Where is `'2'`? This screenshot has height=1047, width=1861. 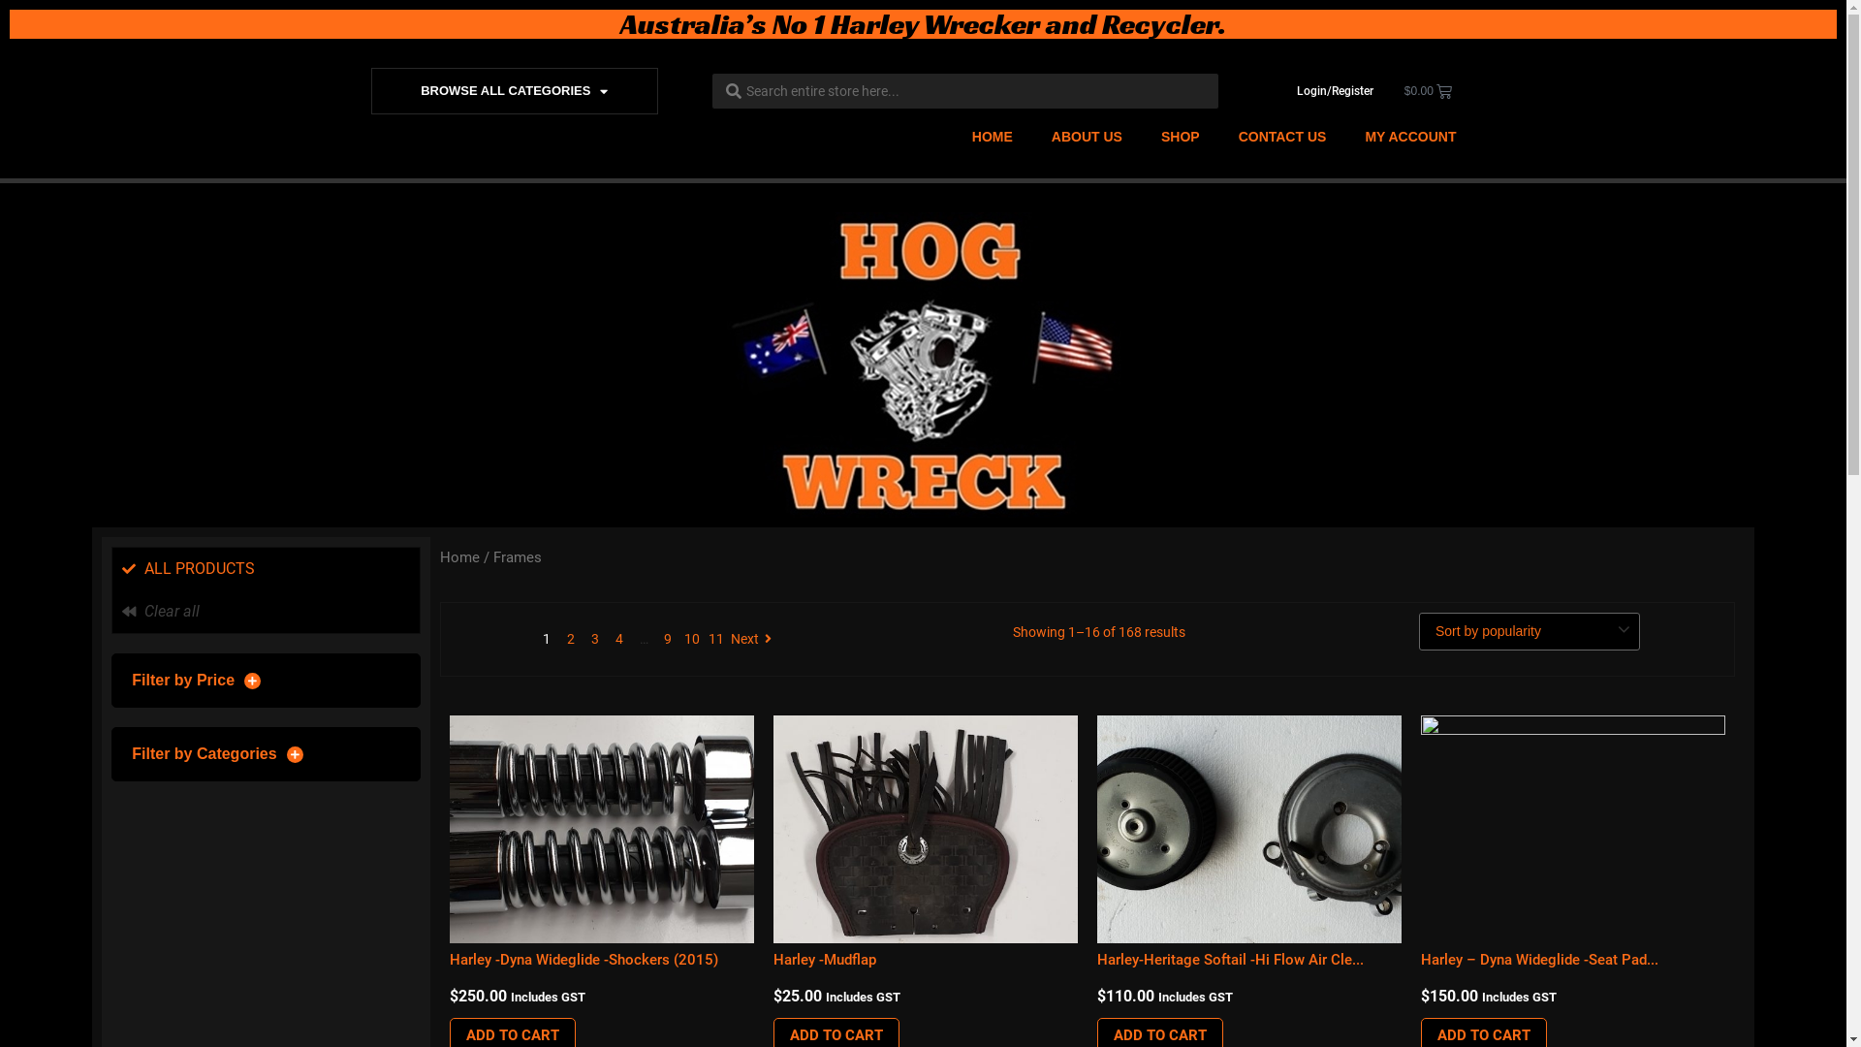
'2' is located at coordinates (570, 639).